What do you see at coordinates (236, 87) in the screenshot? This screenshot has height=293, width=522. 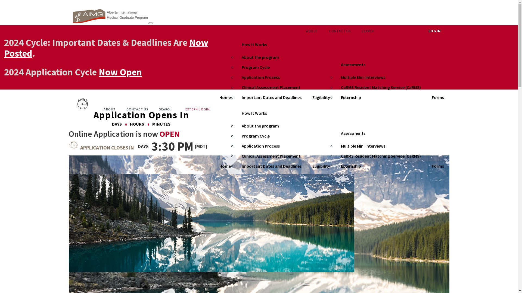 I see `'Clinical Assessment Placement'` at bounding box center [236, 87].